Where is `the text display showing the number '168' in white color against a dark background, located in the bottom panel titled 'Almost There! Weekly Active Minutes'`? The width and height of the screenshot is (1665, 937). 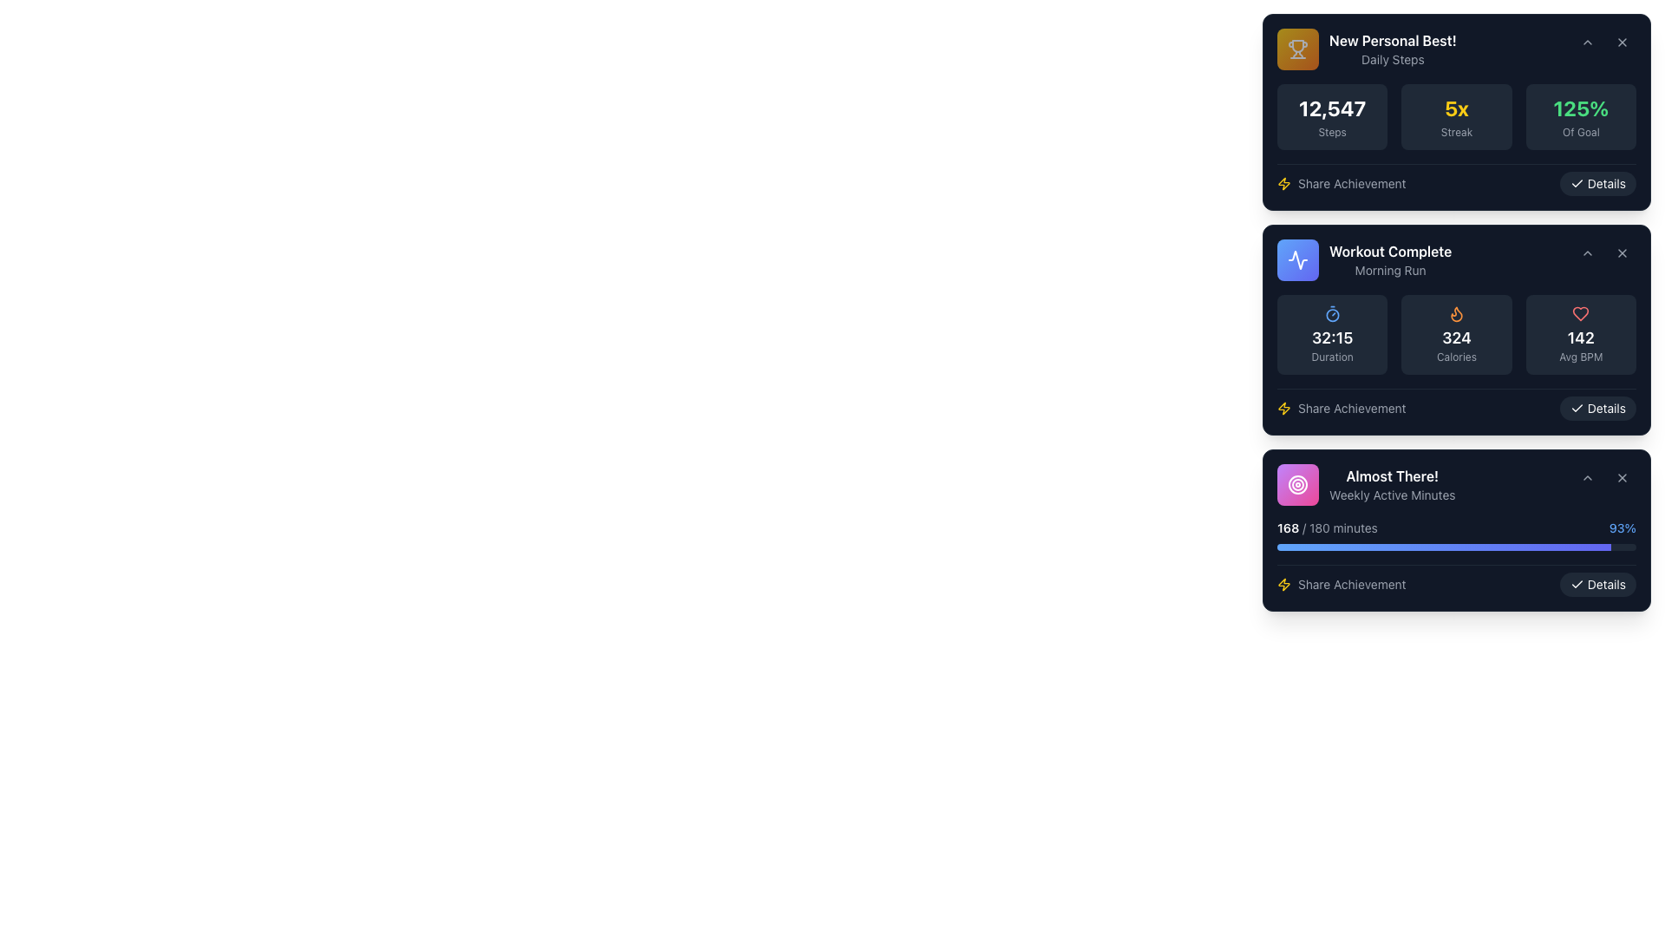
the text display showing the number '168' in white color against a dark background, located in the bottom panel titled 'Almost There! Weekly Active Minutes' is located at coordinates (1288, 527).